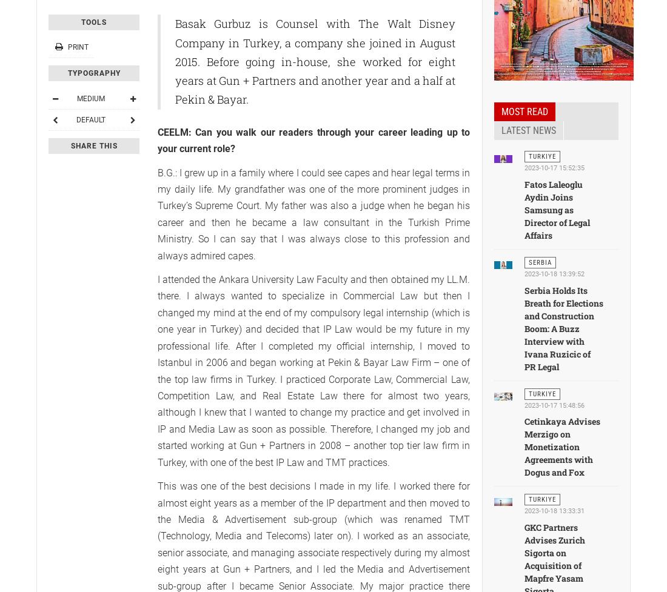  Describe the element at coordinates (524, 111) in the screenshot. I see `'Most read'` at that location.